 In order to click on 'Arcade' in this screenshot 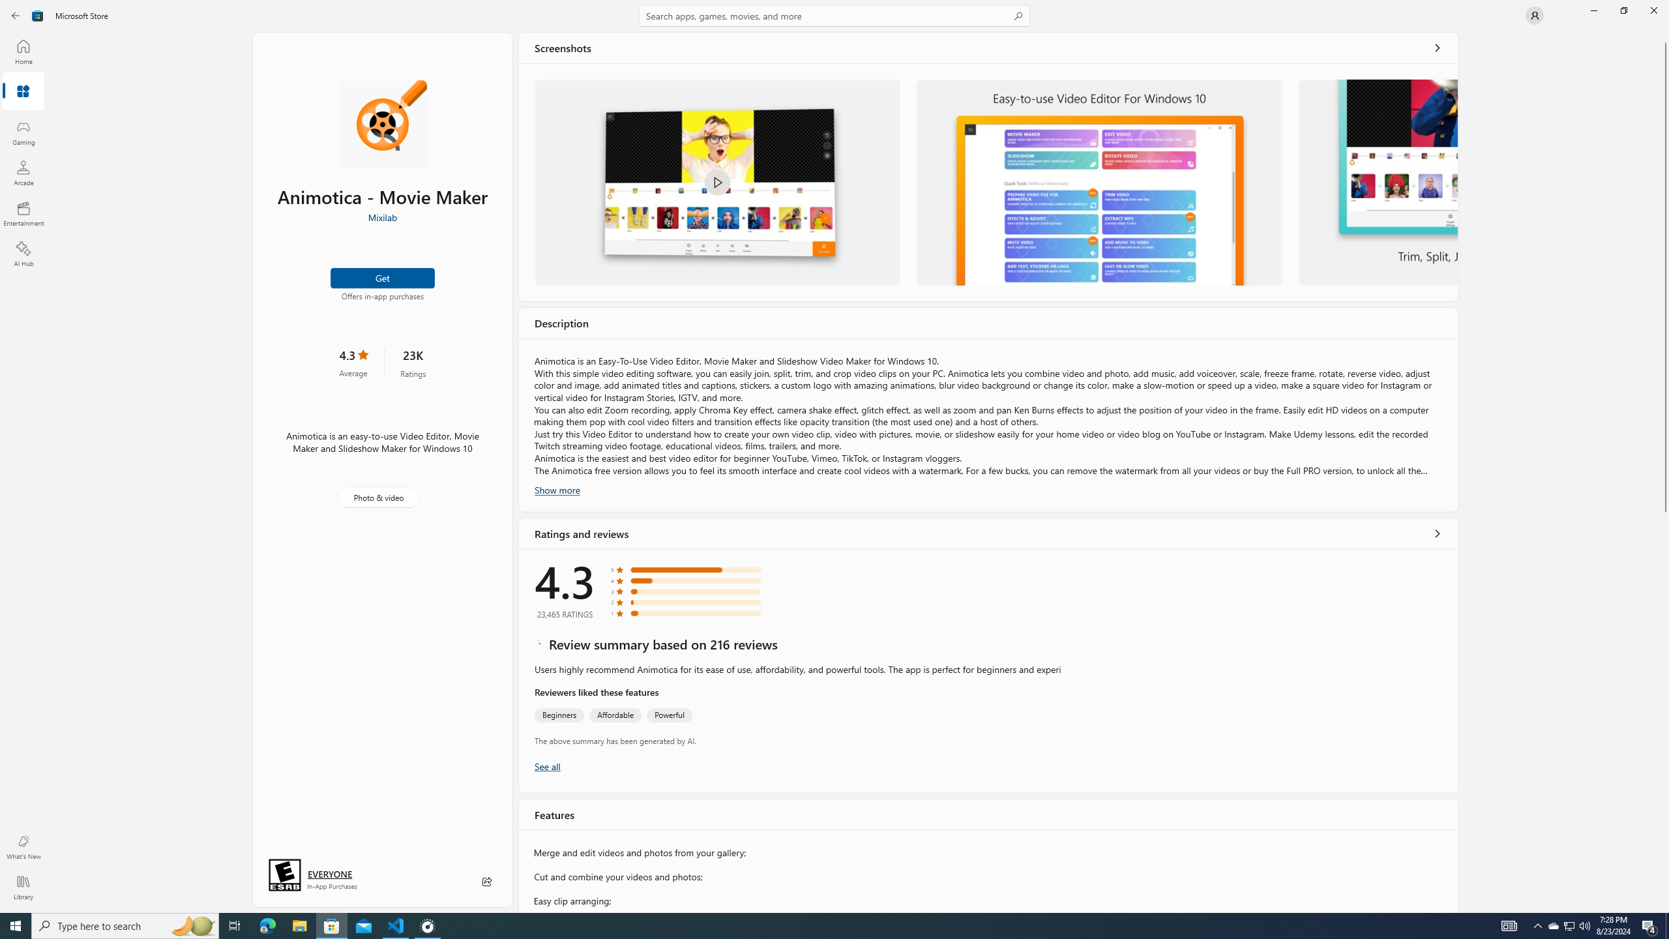, I will do `click(22, 172)`.